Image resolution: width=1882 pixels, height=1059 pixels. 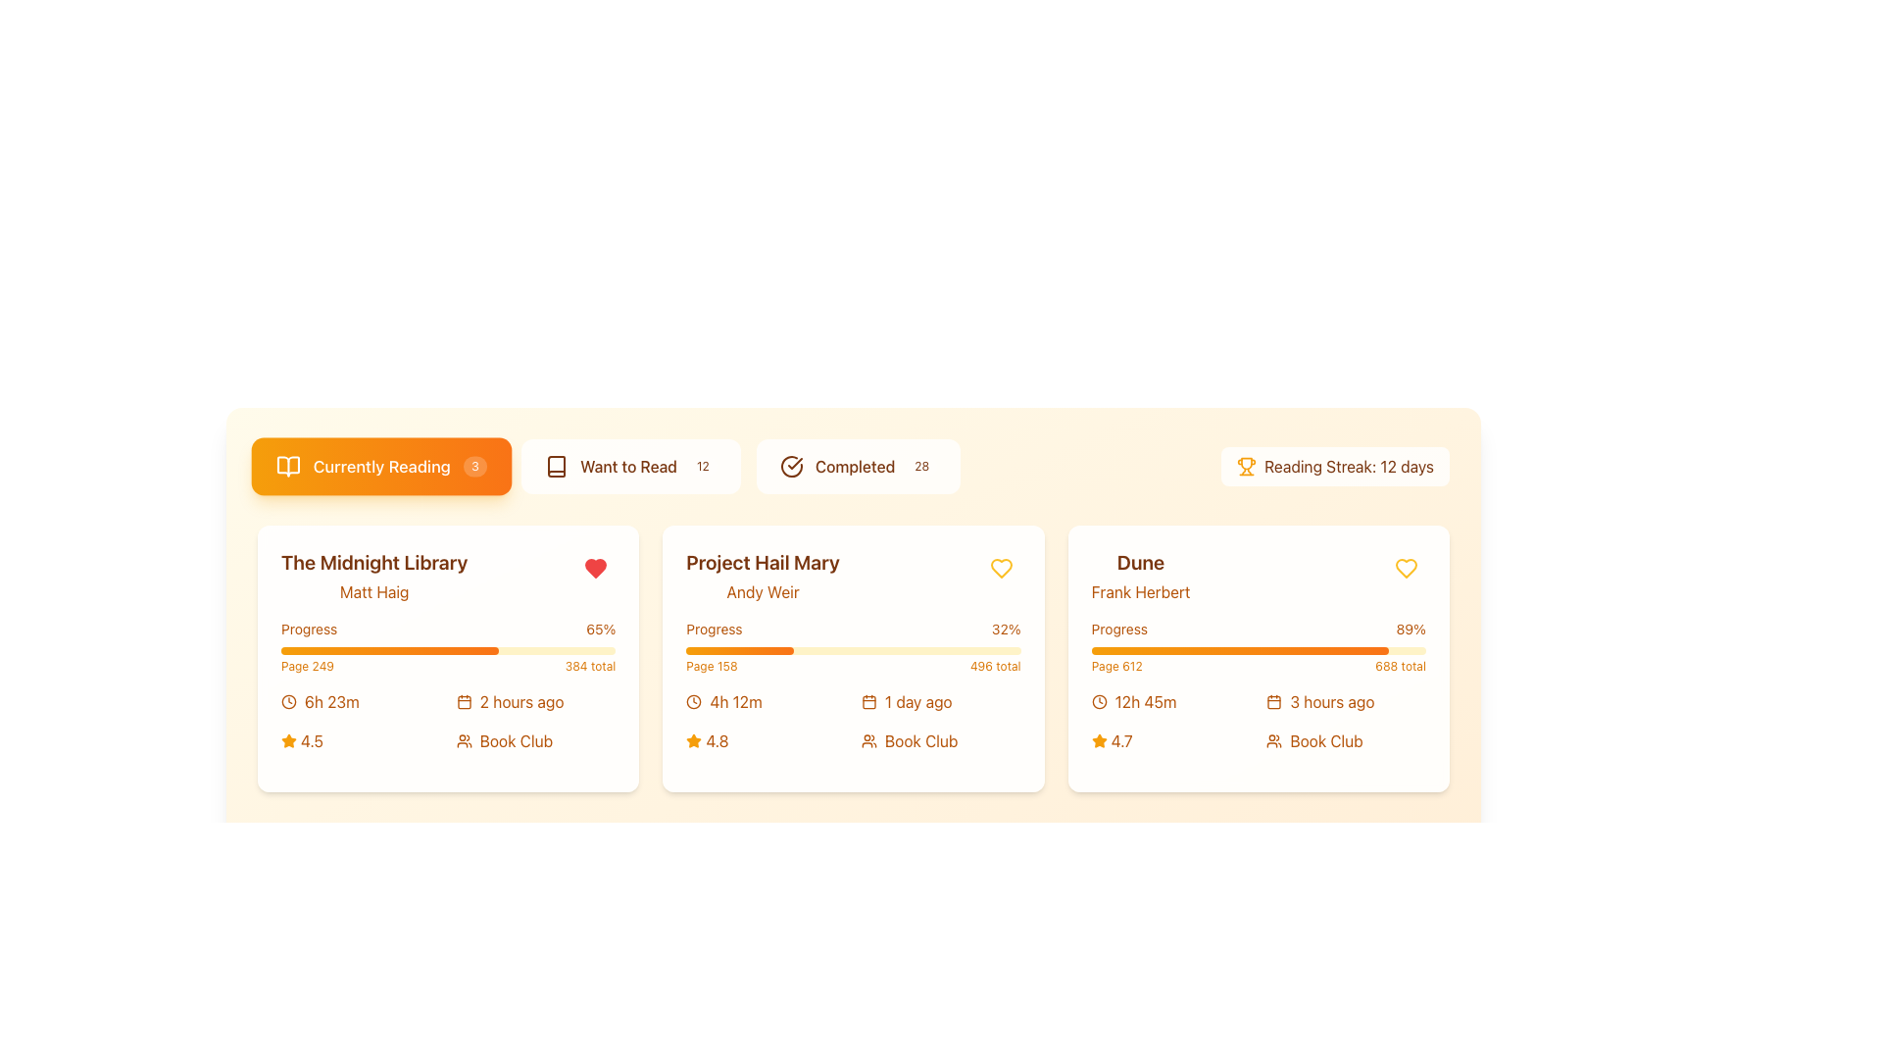 I want to click on the static text element displaying 'Andy Weir', which is amber-colored and located below 'Project Hail Mary' in the second card, so click(x=762, y=591).